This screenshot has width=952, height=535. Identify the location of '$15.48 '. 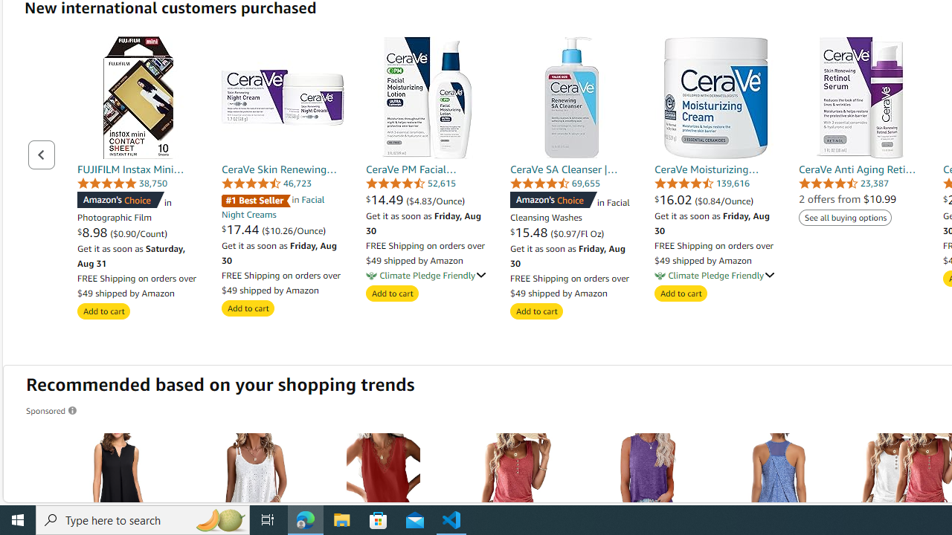
(530, 232).